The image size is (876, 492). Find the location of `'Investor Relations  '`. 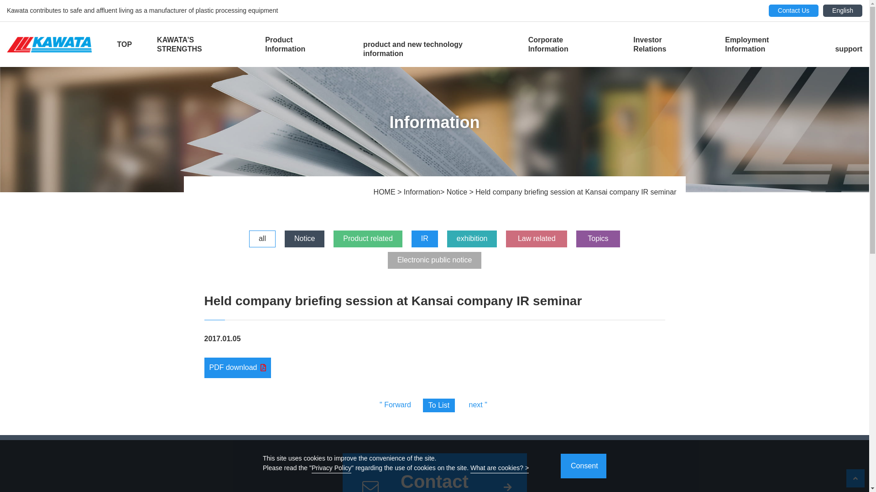

'Investor Relations  ' is located at coordinates (666, 44).